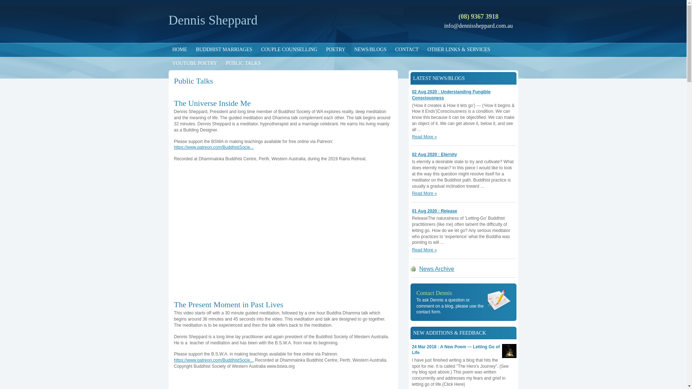 Image resolution: width=692 pixels, height=389 pixels. Describe the element at coordinates (458, 49) in the screenshot. I see `'OTHER LINKS & SERVICES'` at that location.